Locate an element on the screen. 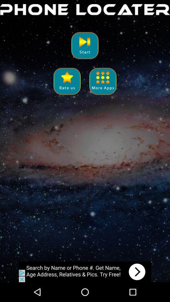 Image resolution: width=170 pixels, height=302 pixels. rate the app is located at coordinates (67, 81).